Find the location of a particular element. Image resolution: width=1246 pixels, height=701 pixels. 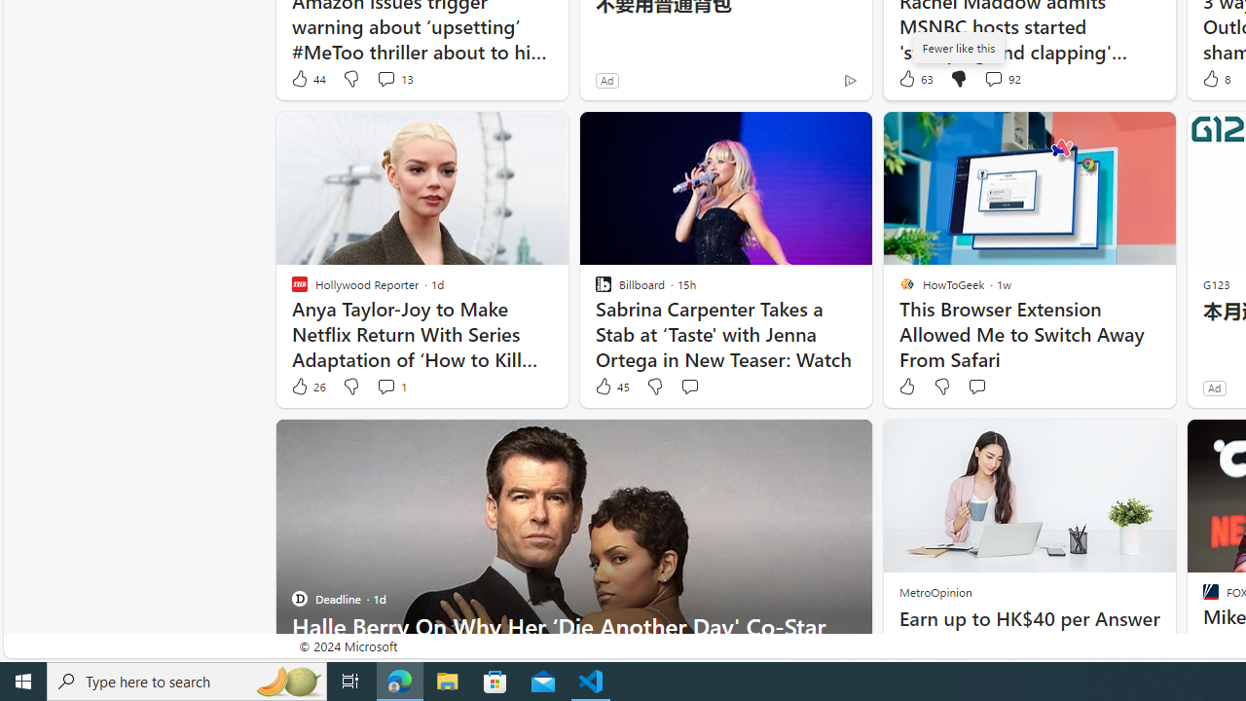

'44 Like' is located at coordinates (307, 78).